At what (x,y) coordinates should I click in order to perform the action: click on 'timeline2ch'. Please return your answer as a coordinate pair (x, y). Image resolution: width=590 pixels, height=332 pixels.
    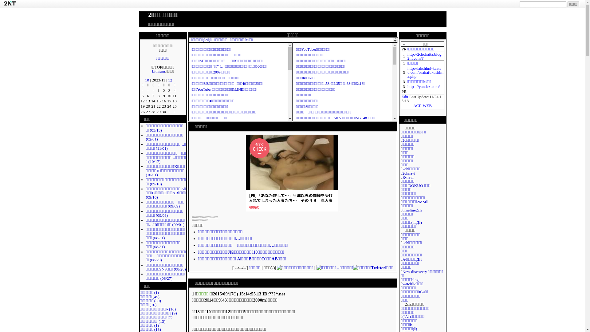
    Looking at the image, I should click on (412, 210).